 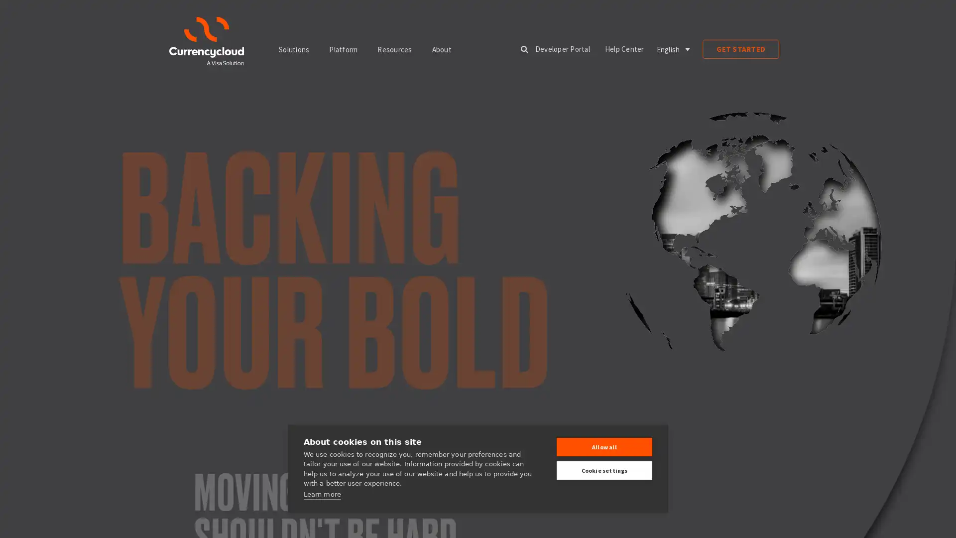 What do you see at coordinates (604, 470) in the screenshot?
I see `Cookie settings` at bounding box center [604, 470].